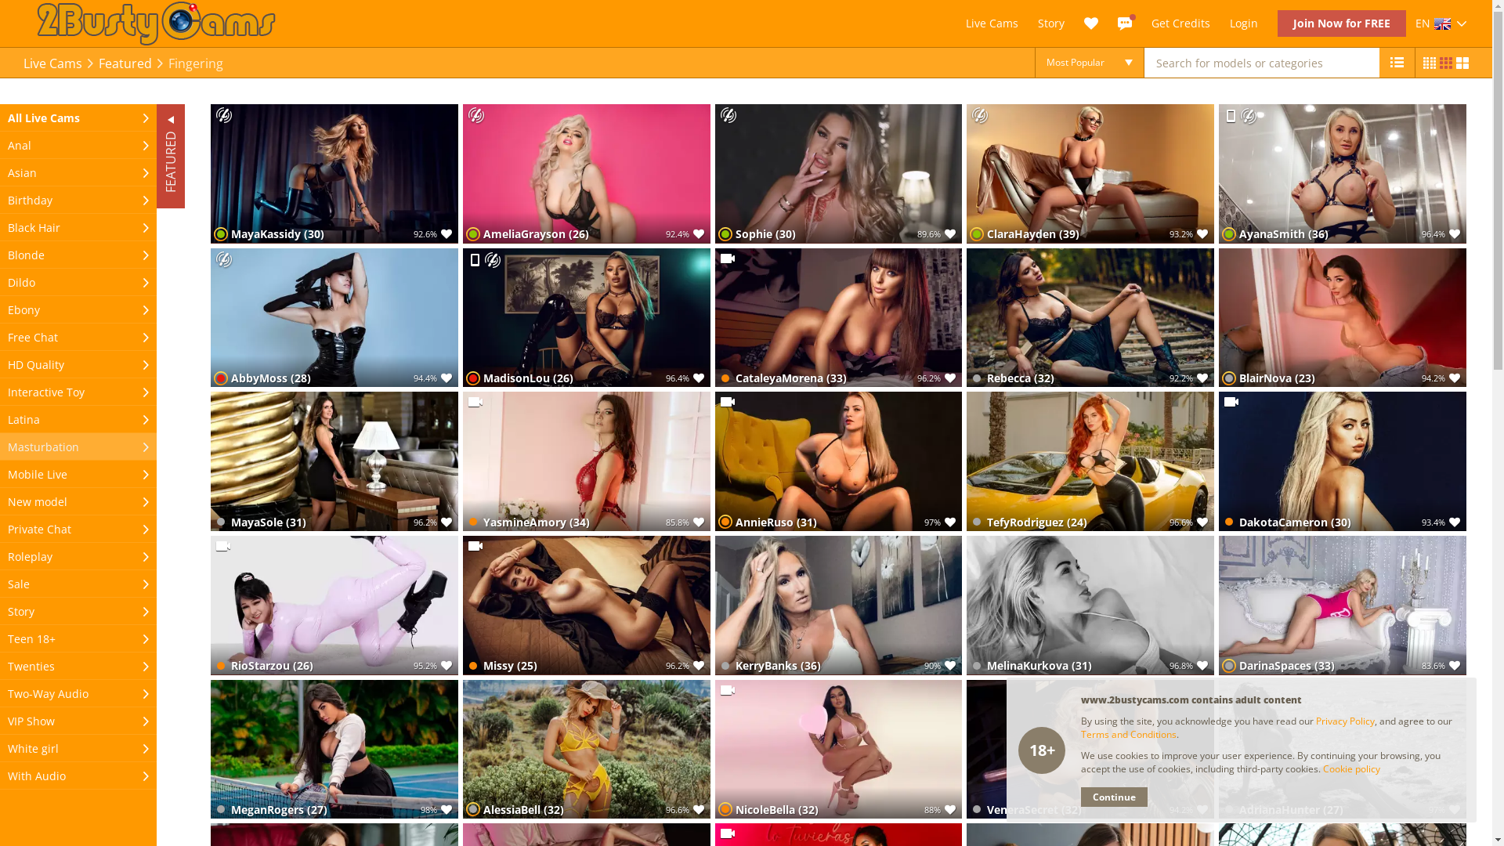  Describe the element at coordinates (1341, 317) in the screenshot. I see `'BlairNova (23)` at that location.